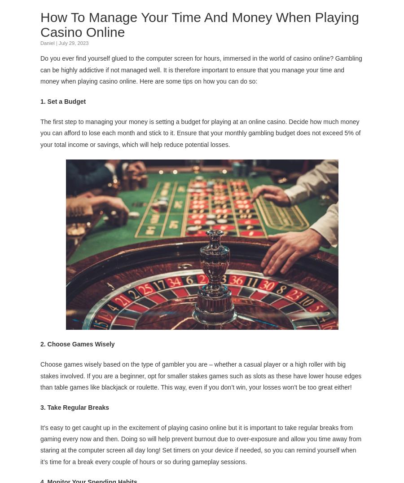 This screenshot has width=404, height=483. I want to click on 'Daniel', so click(47, 43).